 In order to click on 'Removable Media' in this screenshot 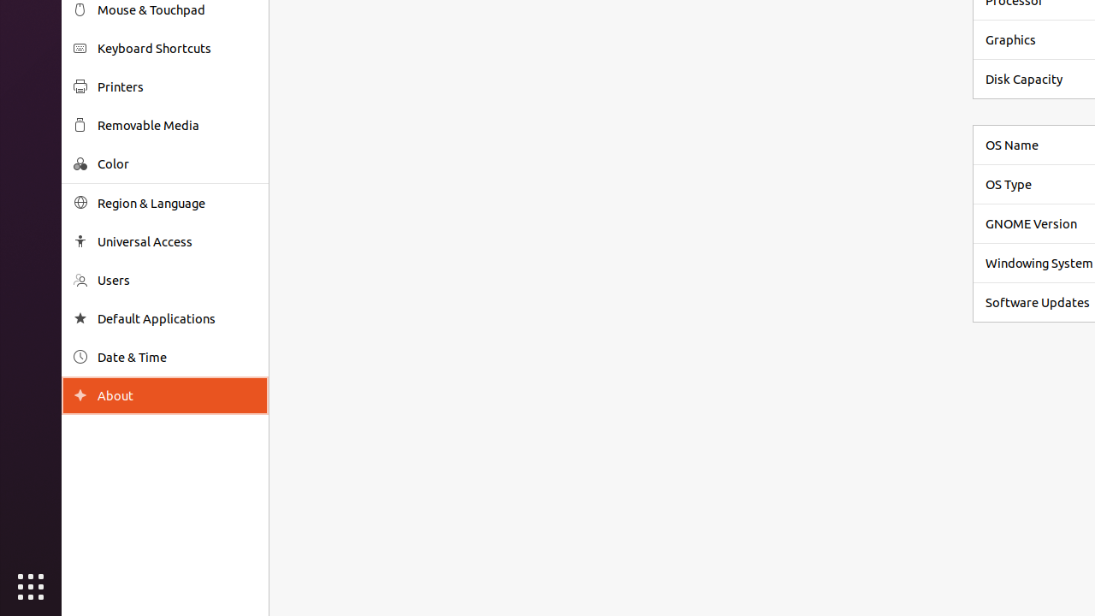, I will do `click(176, 124)`.